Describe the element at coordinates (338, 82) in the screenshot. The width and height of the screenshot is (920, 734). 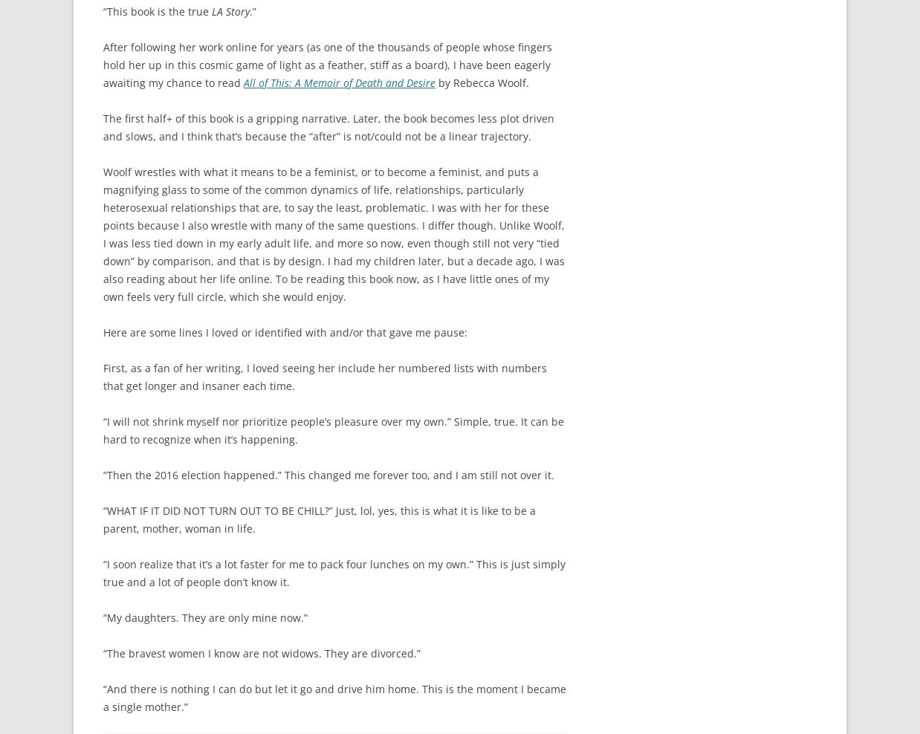
I see `'All of This: A Memoir of Death and Desire'` at that location.